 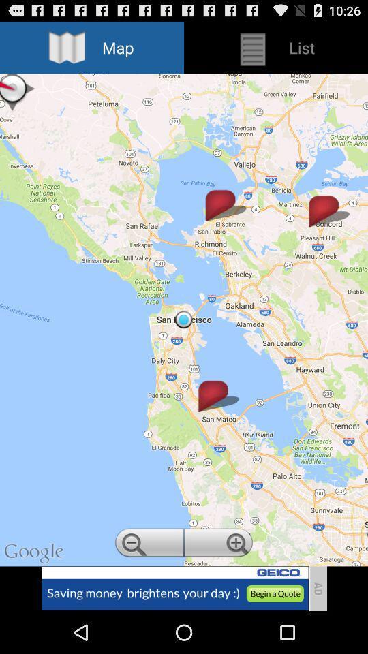 What do you see at coordinates (147, 582) in the screenshot?
I see `the zoom_out icon` at bounding box center [147, 582].